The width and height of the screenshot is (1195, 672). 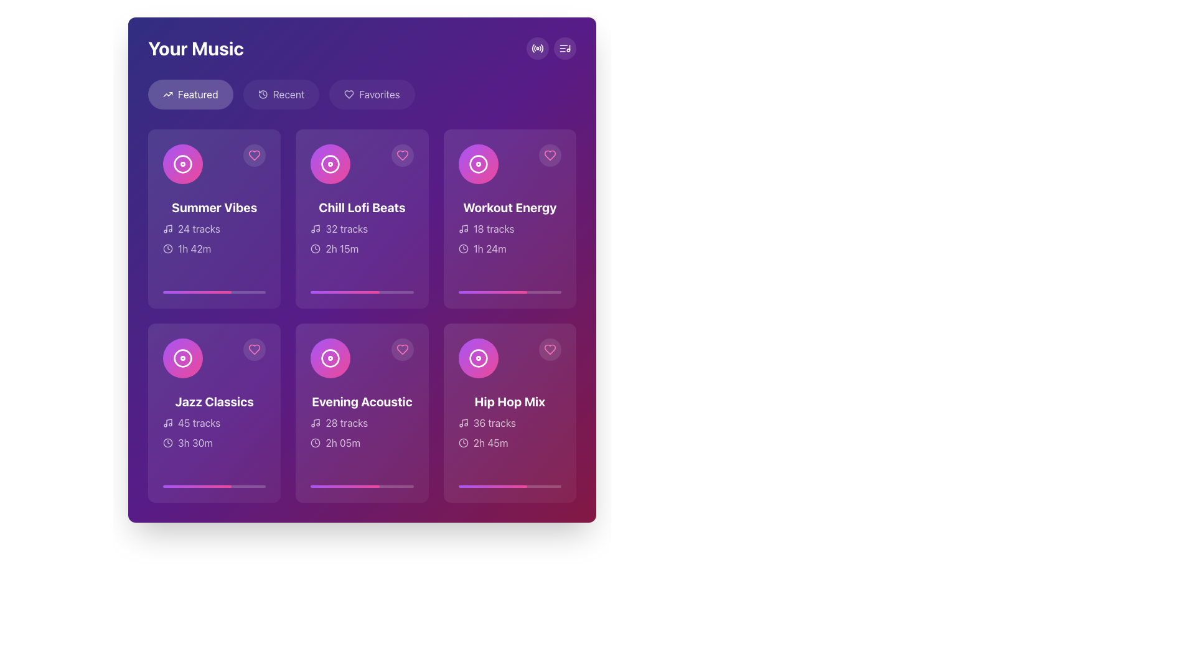 What do you see at coordinates (549, 350) in the screenshot?
I see `the heart icon button located in the top-right corner of the bottom-right card representing the 'Hip Hop Mix' music collection for navigation` at bounding box center [549, 350].